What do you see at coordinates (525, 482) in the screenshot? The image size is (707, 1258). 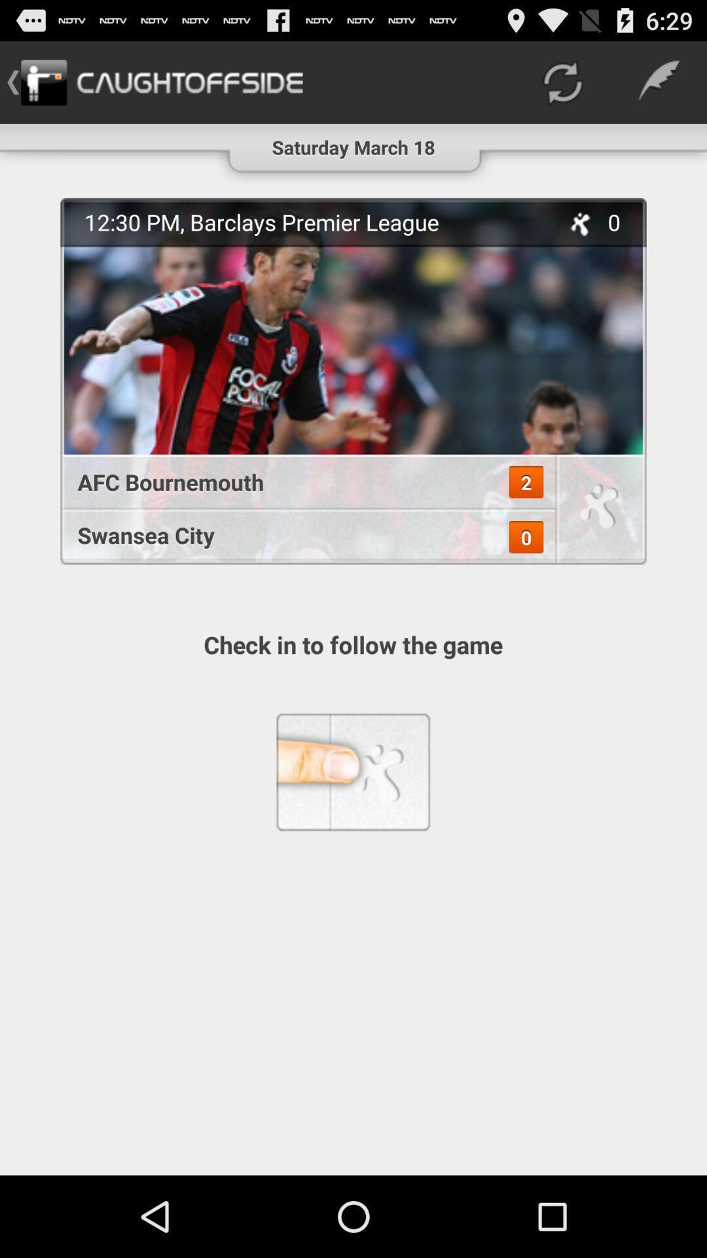 I see `the 2 app` at bounding box center [525, 482].